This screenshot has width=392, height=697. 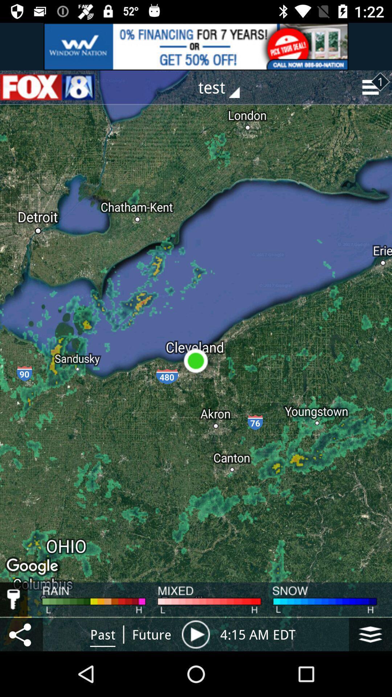 I want to click on the share icon, so click(x=21, y=634).